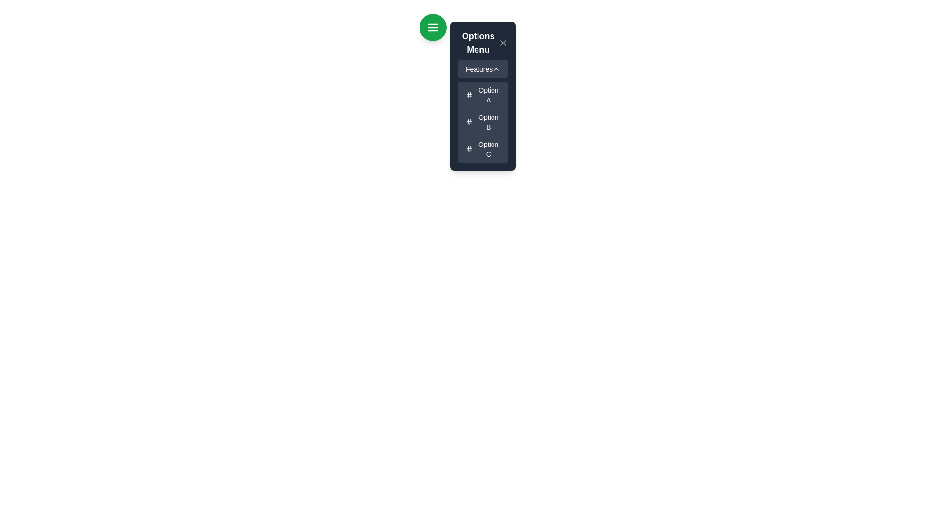 The image size is (928, 522). I want to click on the Text button with an icon located at the bottom of the 'Options Menu', so click(483, 149).